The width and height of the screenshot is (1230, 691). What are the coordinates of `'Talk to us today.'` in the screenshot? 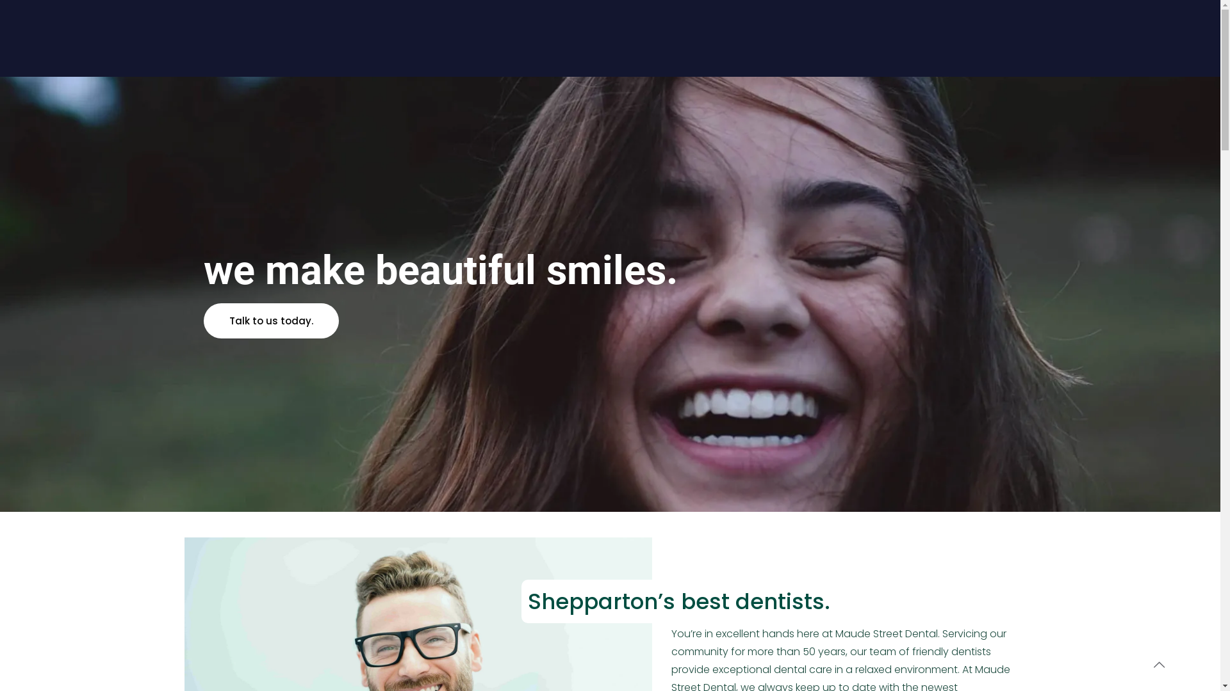 It's located at (202, 320).